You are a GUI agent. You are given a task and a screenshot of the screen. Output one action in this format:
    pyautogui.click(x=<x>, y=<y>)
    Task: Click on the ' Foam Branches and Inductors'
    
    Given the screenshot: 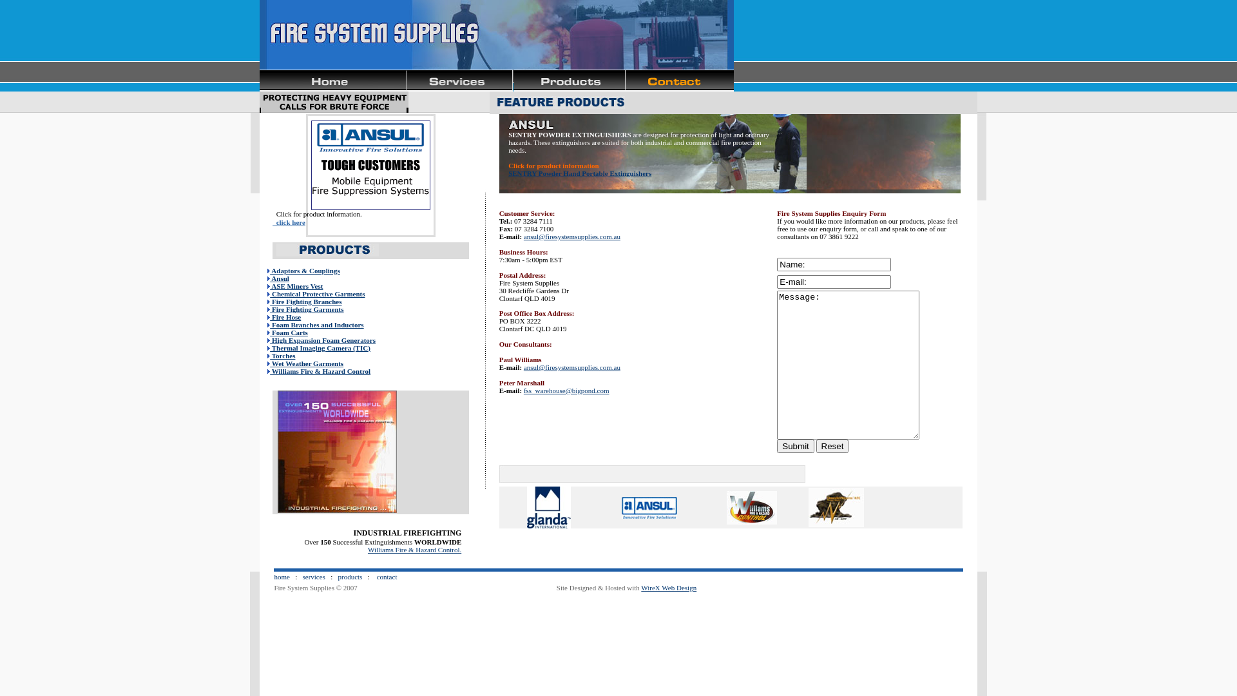 What is the action you would take?
    pyautogui.click(x=315, y=324)
    